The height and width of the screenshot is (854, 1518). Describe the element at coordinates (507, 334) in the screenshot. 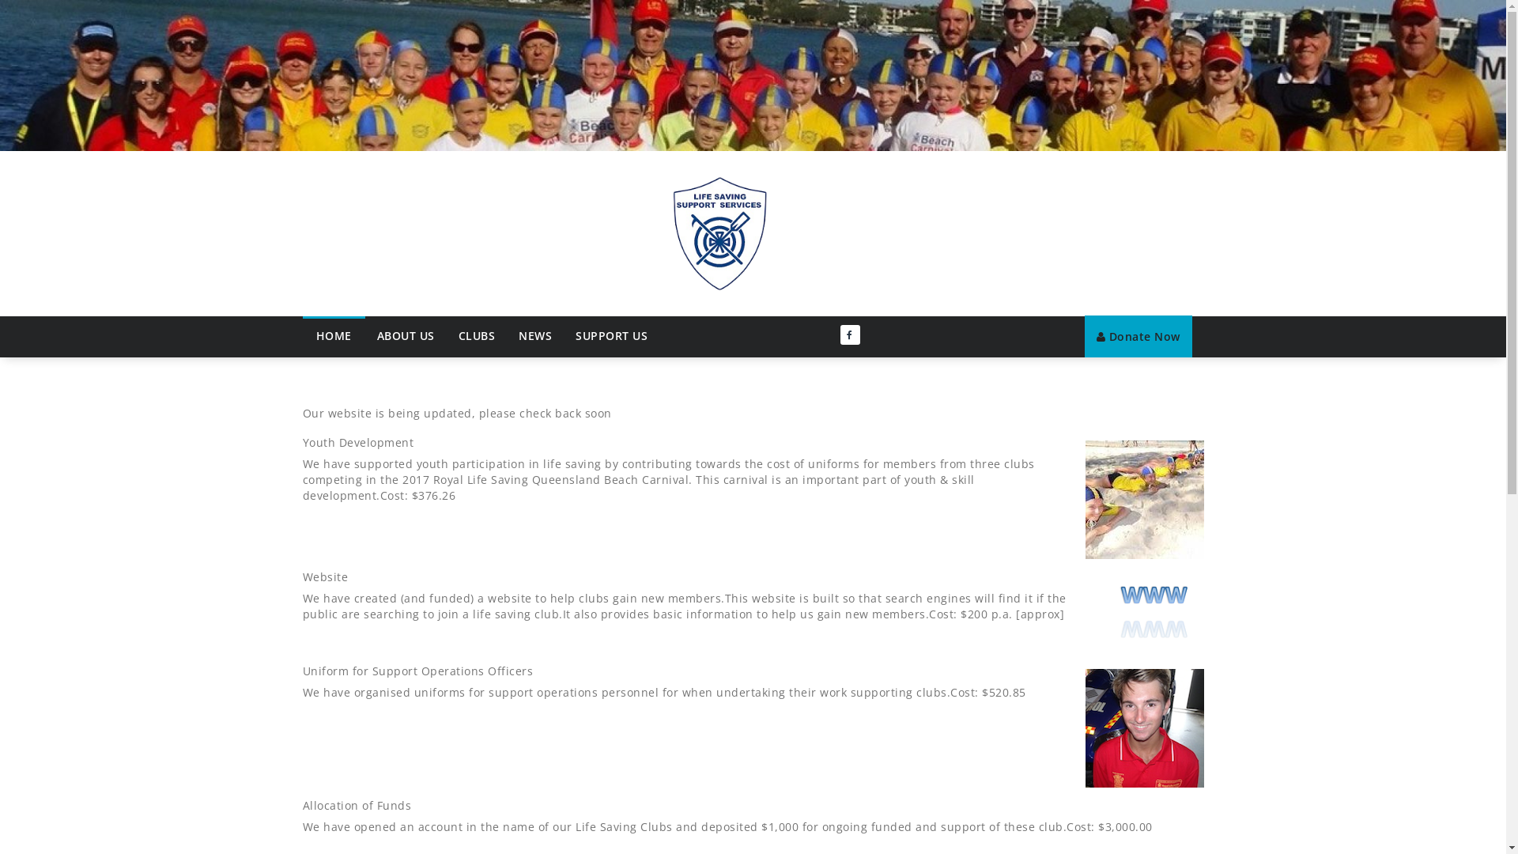

I see `'NEWS'` at that location.